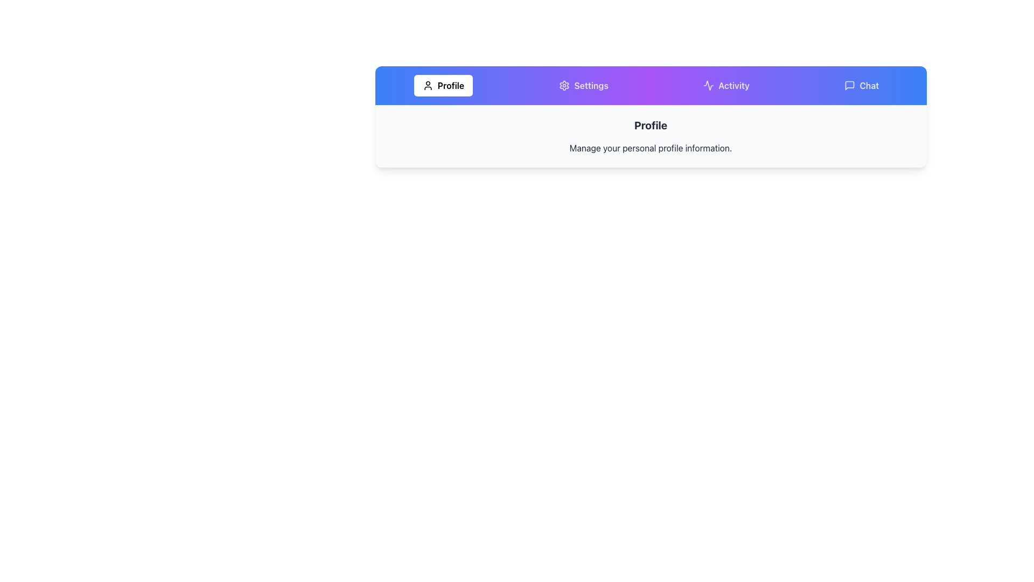 This screenshot has height=582, width=1034. Describe the element at coordinates (709, 85) in the screenshot. I see `the 'Activity' icon in the navigation bar, which is the third icon from the left` at that location.